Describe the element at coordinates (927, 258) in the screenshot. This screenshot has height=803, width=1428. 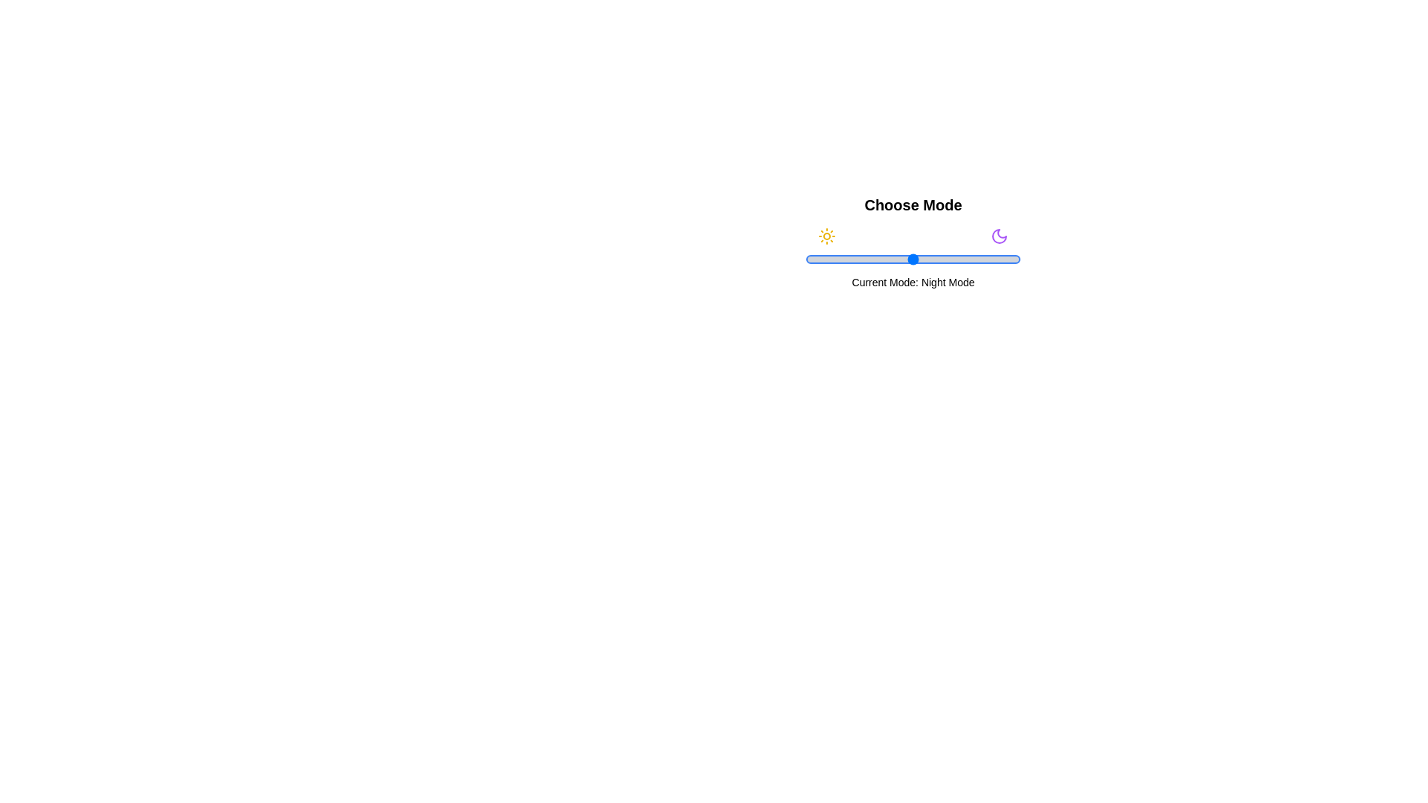
I see `the slider to 57% to set the mode` at that location.